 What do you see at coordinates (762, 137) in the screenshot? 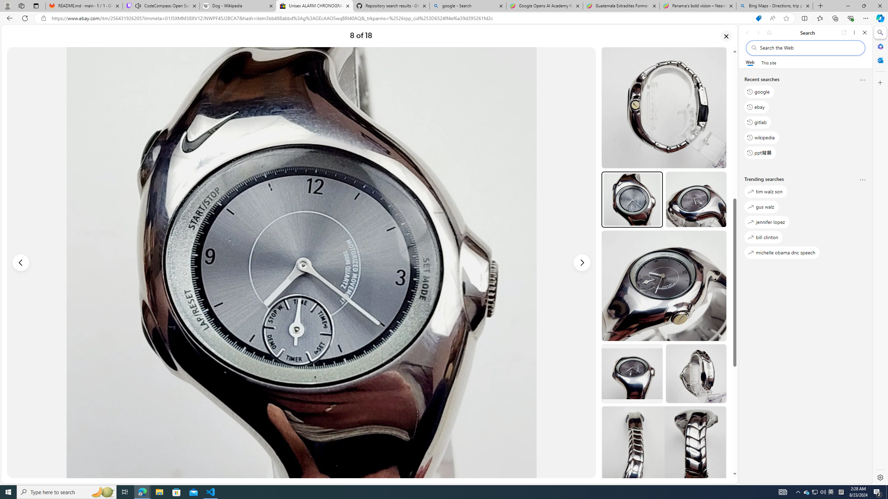
I see `'wikipedia'` at bounding box center [762, 137].